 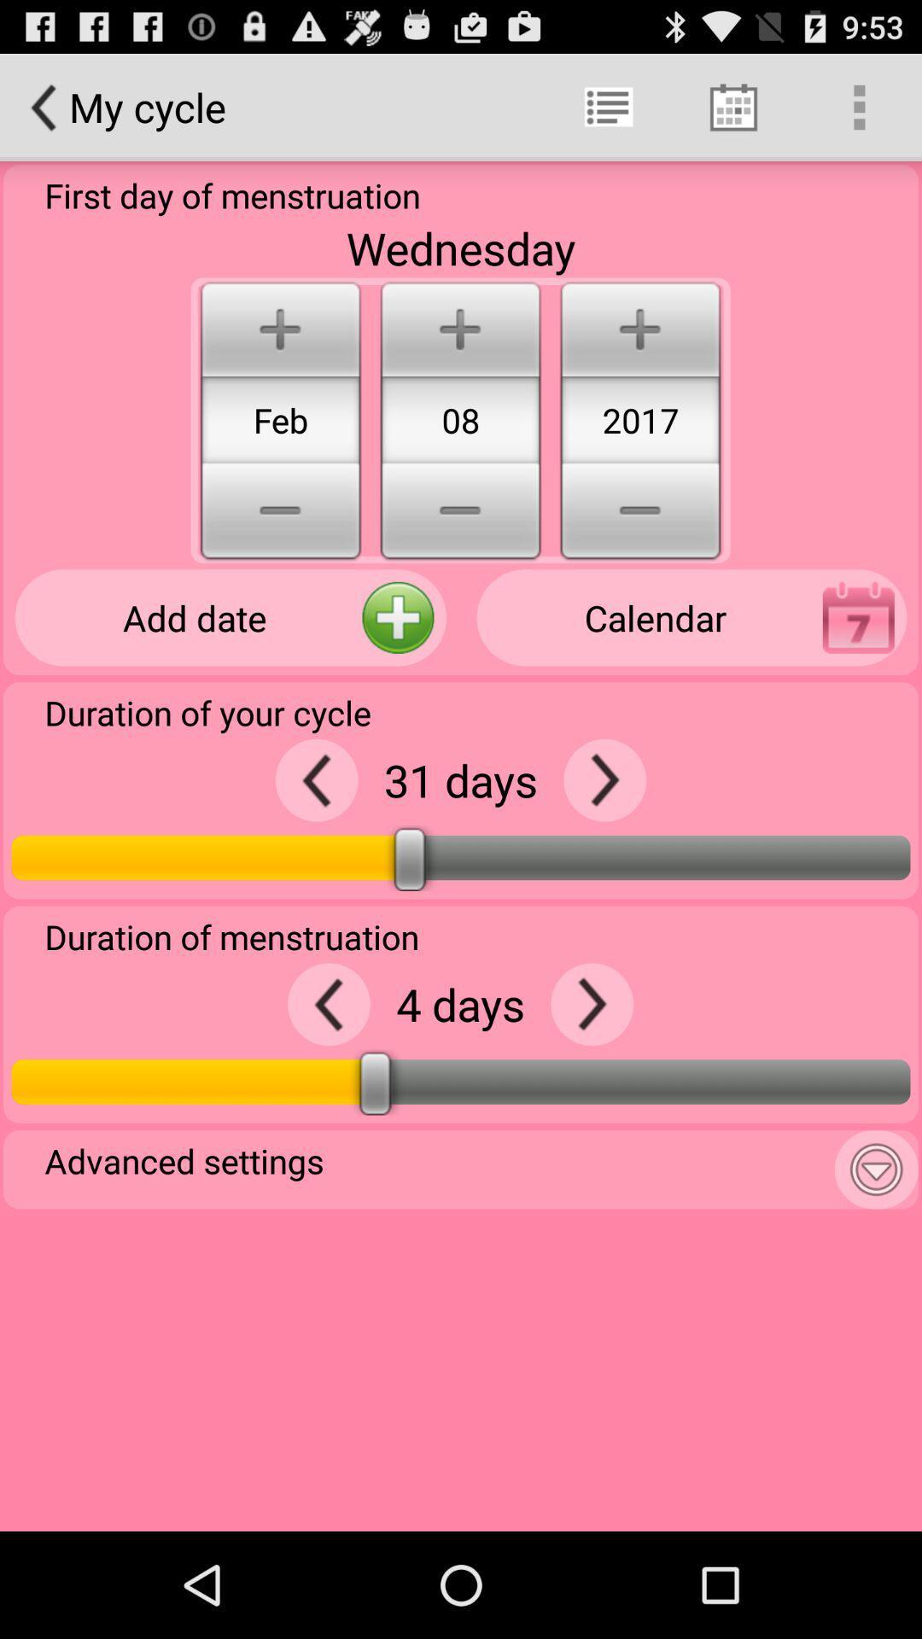 I want to click on decrease number, so click(x=329, y=1004).